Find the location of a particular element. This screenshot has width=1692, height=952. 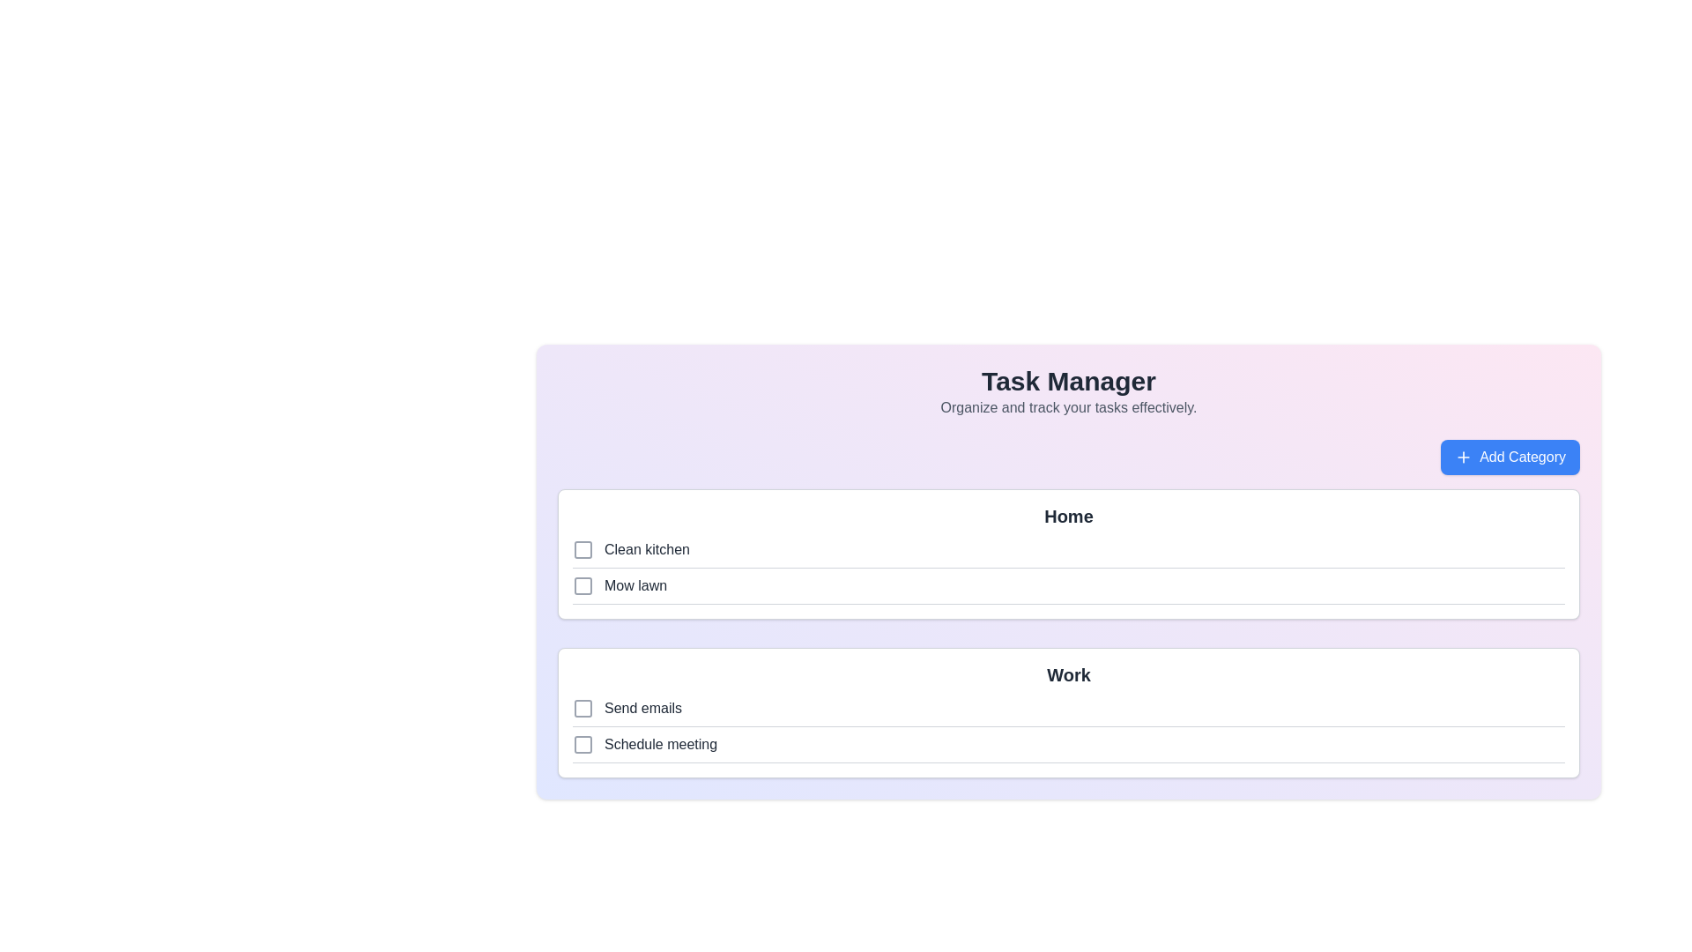

the Checkbox part (SVG graphical element) located before the 'Schedule meeting' text in the 'Work' section of the task list to trigger a tooltip or highlight effect is located at coordinates (583, 744).